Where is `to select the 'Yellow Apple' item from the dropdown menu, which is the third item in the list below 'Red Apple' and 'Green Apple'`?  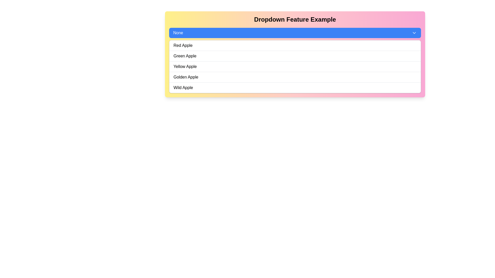
to select the 'Yellow Apple' item from the dropdown menu, which is the third item in the list below 'Red Apple' and 'Green Apple' is located at coordinates (295, 66).